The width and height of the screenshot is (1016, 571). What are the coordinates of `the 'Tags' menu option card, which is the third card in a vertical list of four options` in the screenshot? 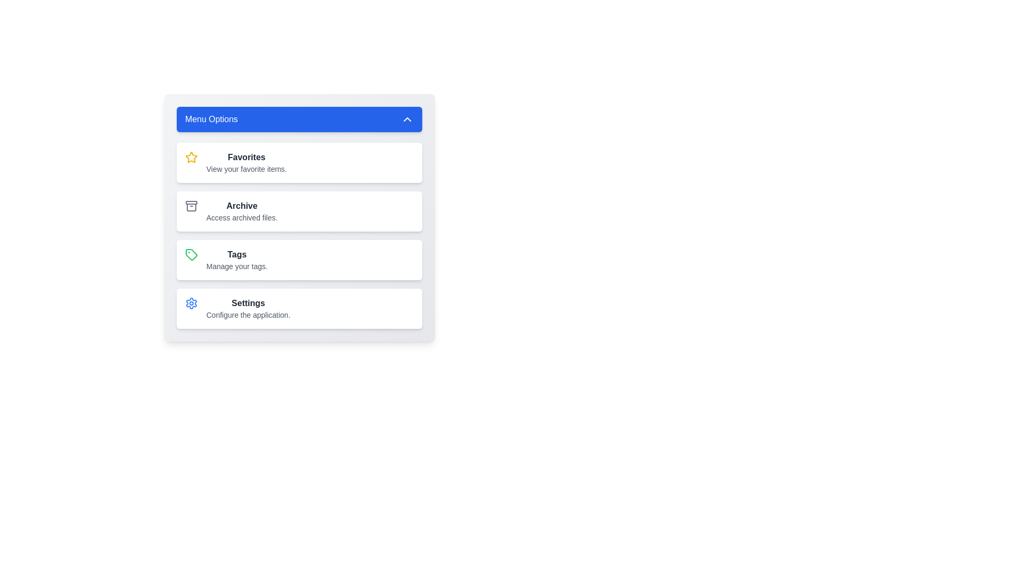 It's located at (299, 260).